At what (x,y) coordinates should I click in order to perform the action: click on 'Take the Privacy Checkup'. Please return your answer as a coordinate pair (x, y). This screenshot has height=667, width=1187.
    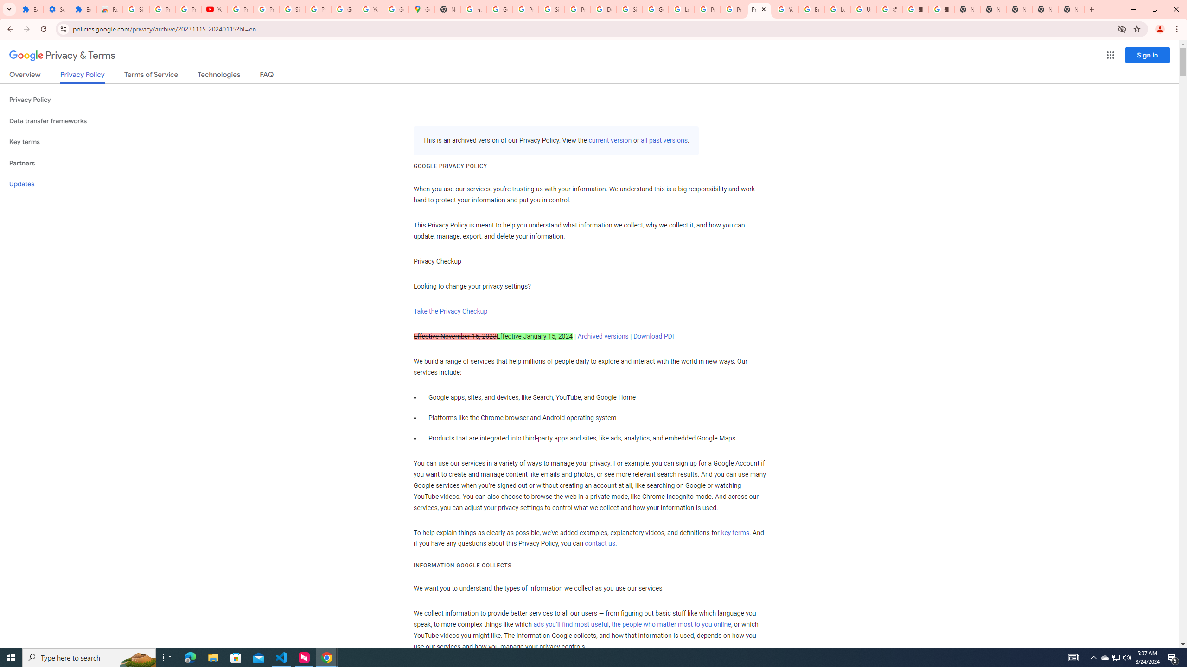
    Looking at the image, I should click on (450, 310).